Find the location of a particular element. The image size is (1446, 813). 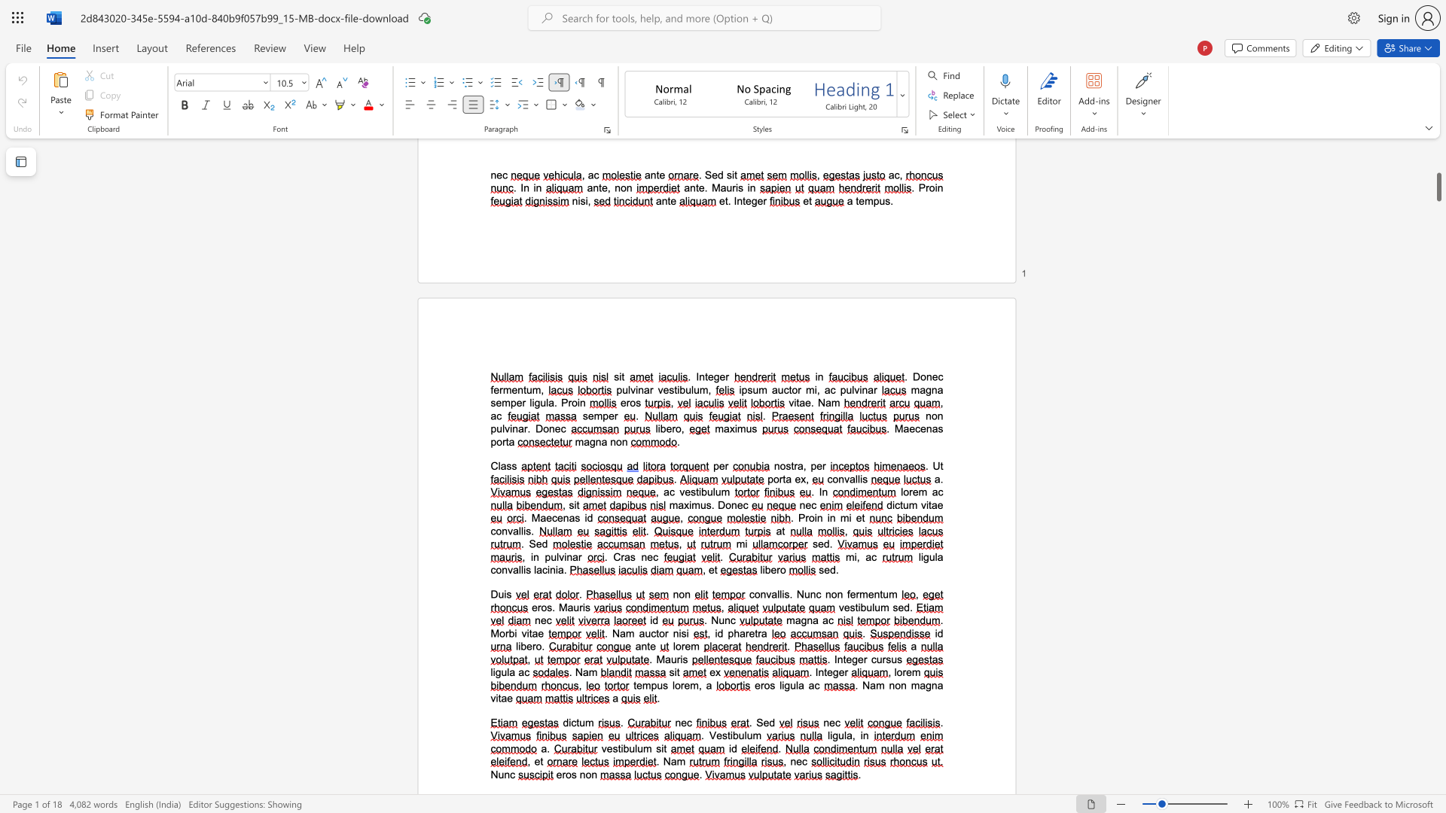

the 1th character "d" in the text is located at coordinates (906, 606).